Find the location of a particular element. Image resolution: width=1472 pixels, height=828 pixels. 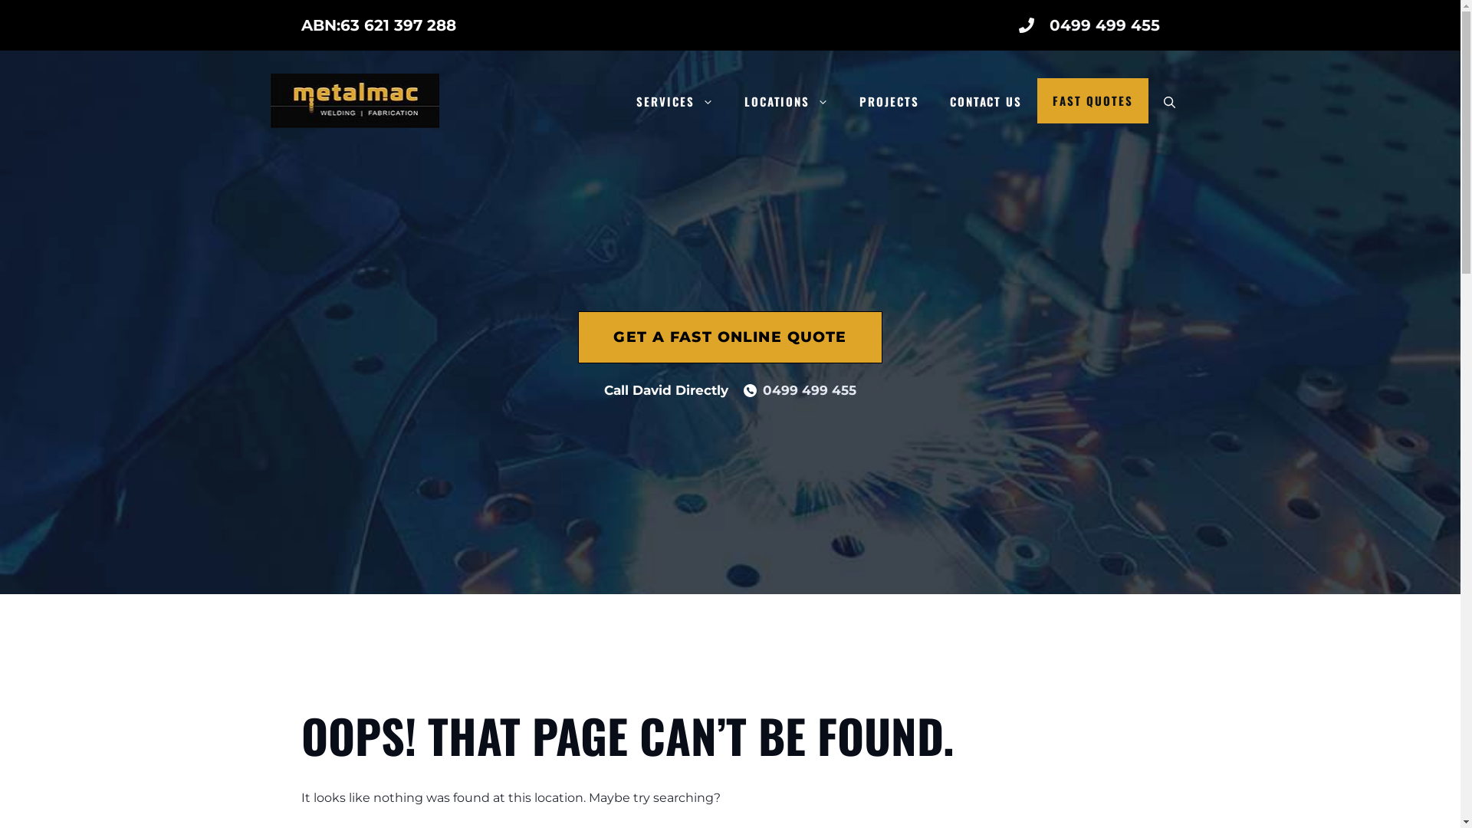

'CONTACT US' is located at coordinates (986, 100).